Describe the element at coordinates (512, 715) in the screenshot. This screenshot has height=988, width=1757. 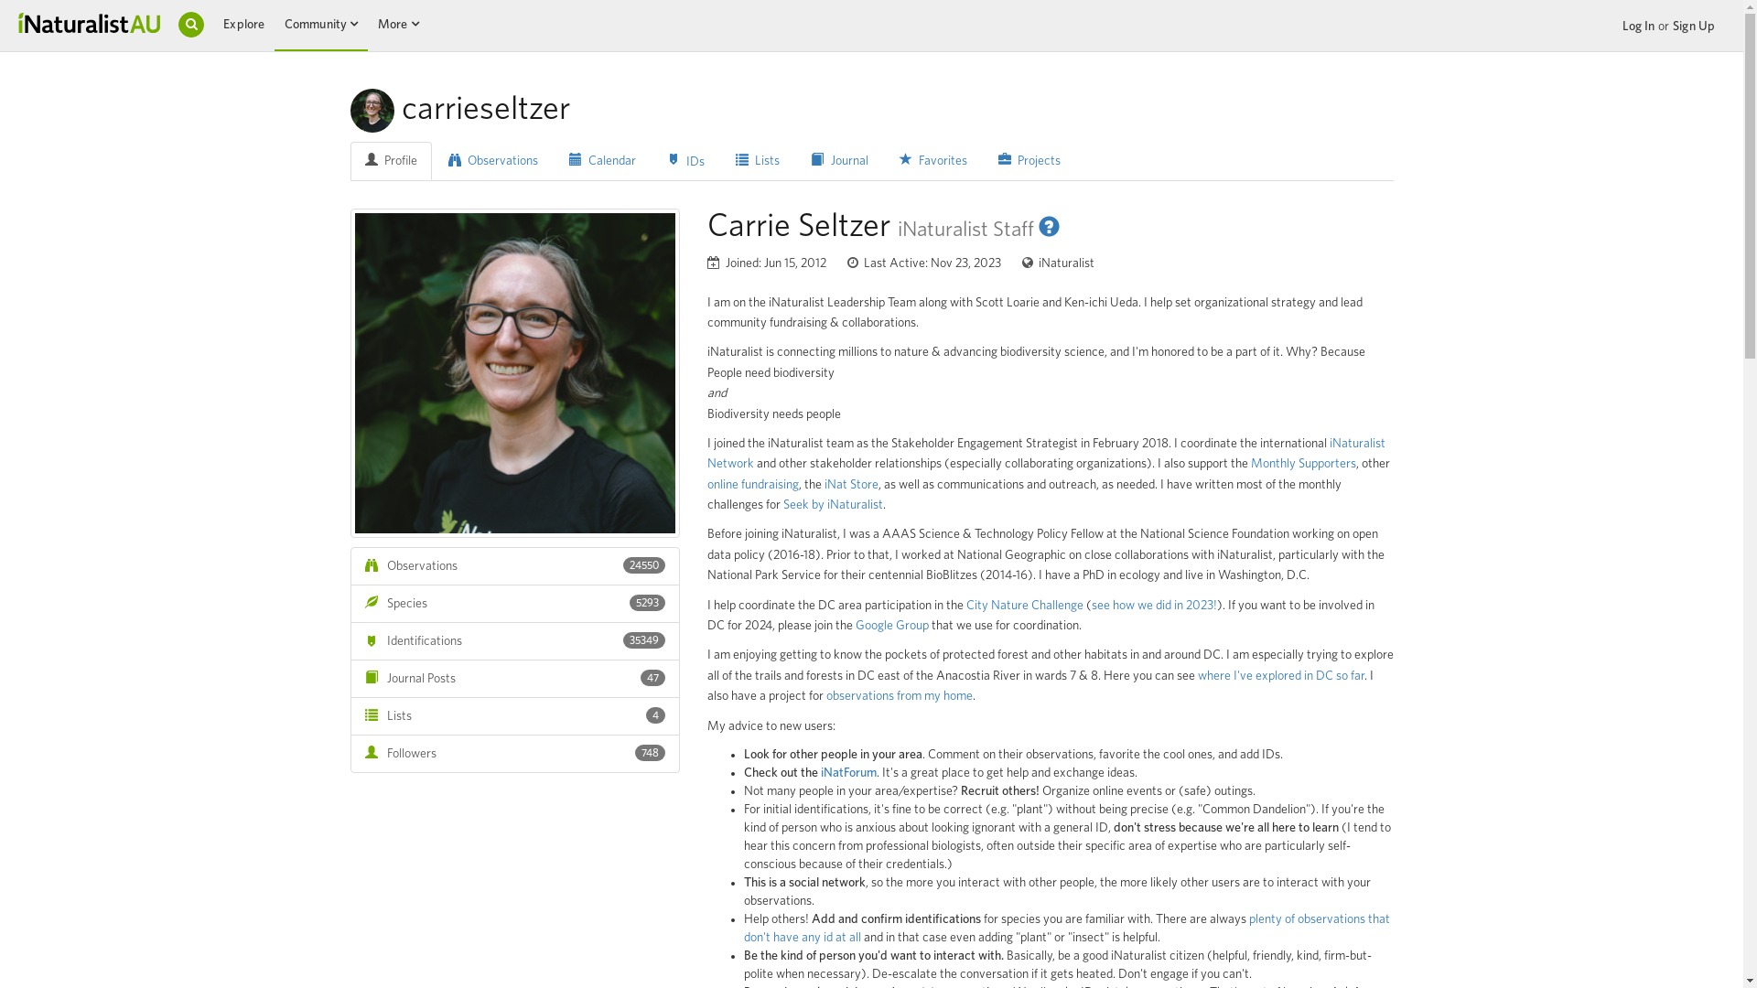
I see `'4` at that location.